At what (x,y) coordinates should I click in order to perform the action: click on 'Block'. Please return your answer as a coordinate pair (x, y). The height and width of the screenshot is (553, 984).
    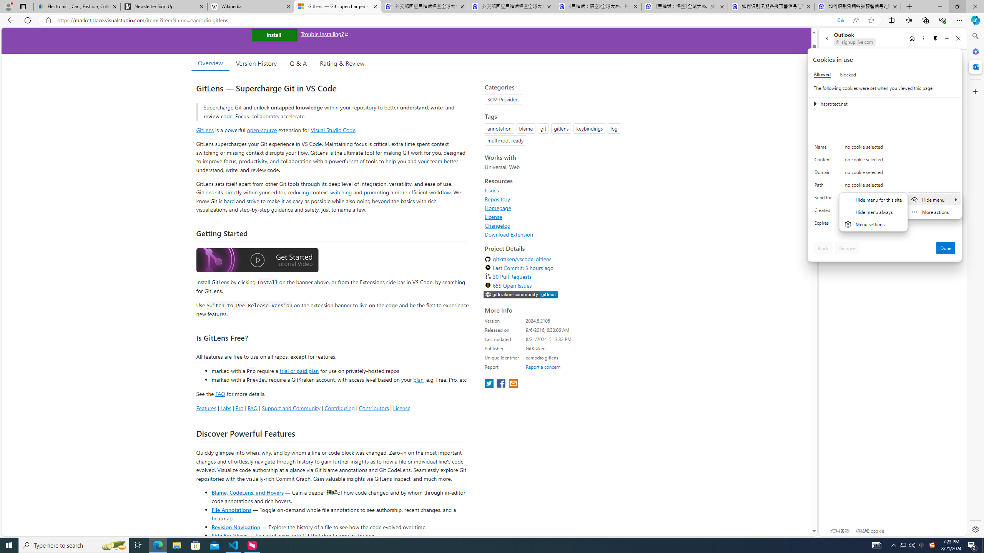
    Looking at the image, I should click on (823, 248).